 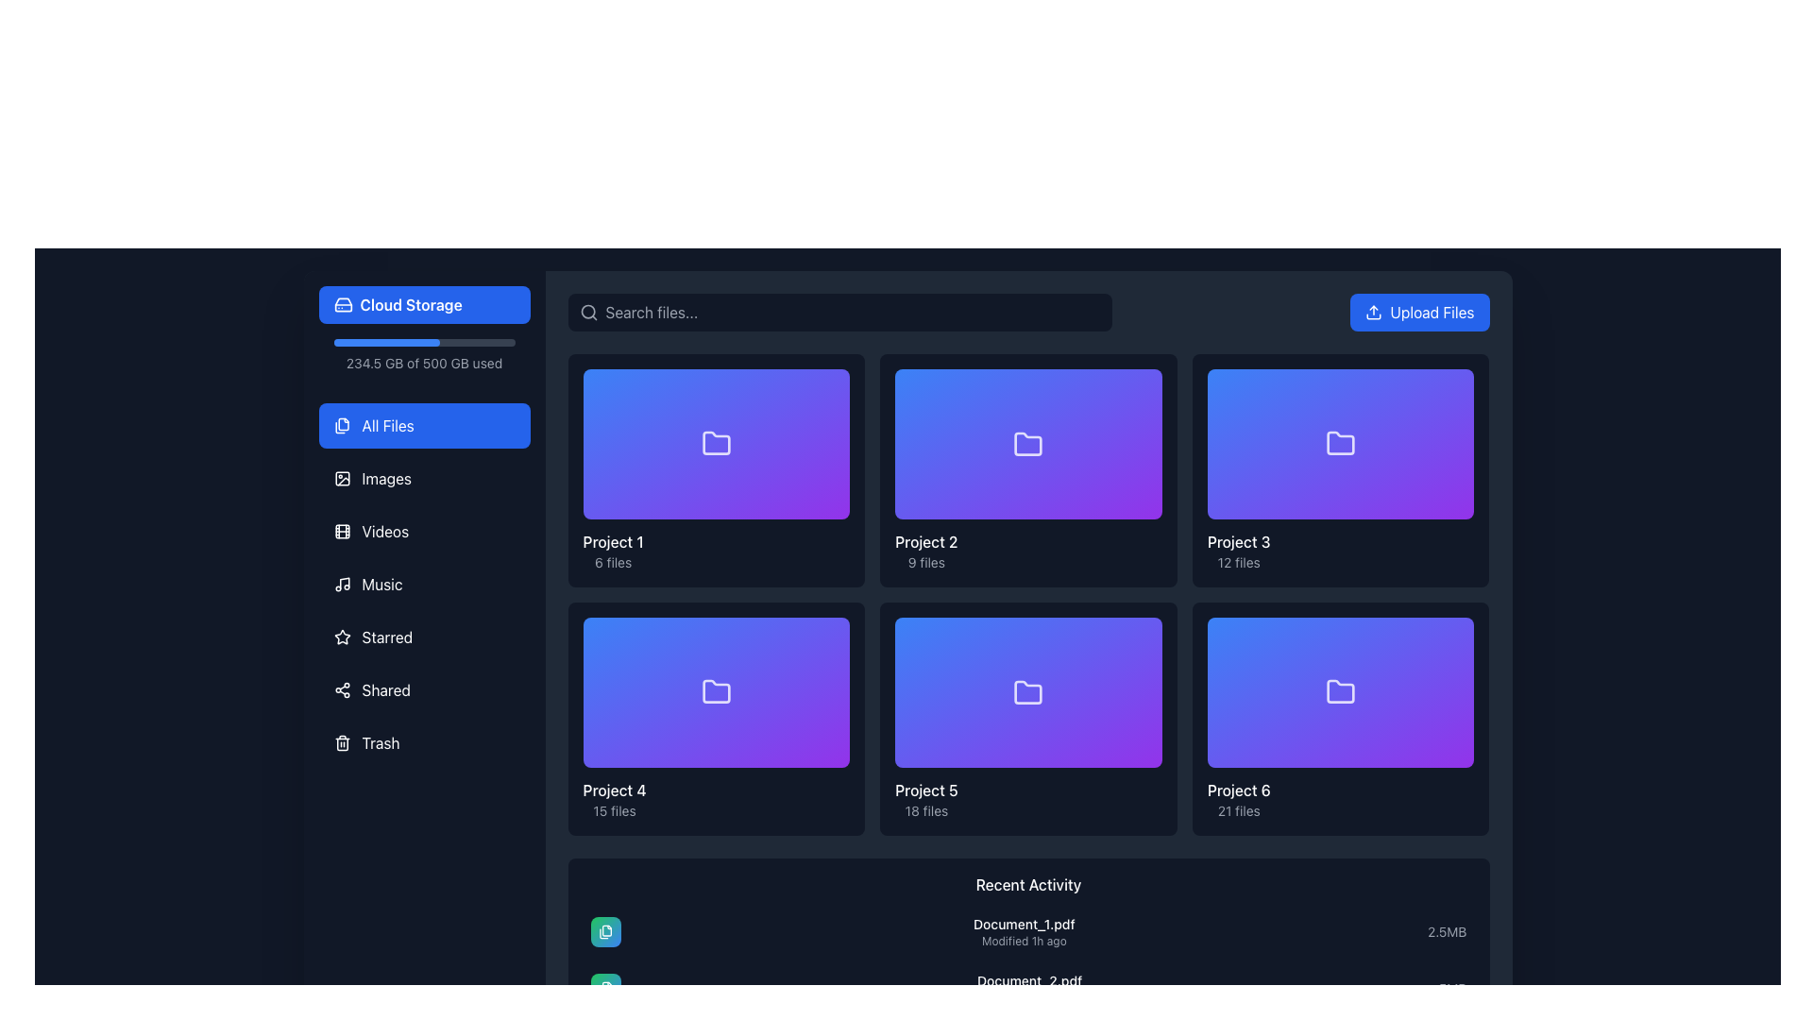 What do you see at coordinates (1023, 931) in the screenshot?
I see `the Text label representing the recently modified file entry located in the 'Recent Activity' section, which is the first entry in a vertical list next to a gradient-shaded icon and a file size indicator` at bounding box center [1023, 931].